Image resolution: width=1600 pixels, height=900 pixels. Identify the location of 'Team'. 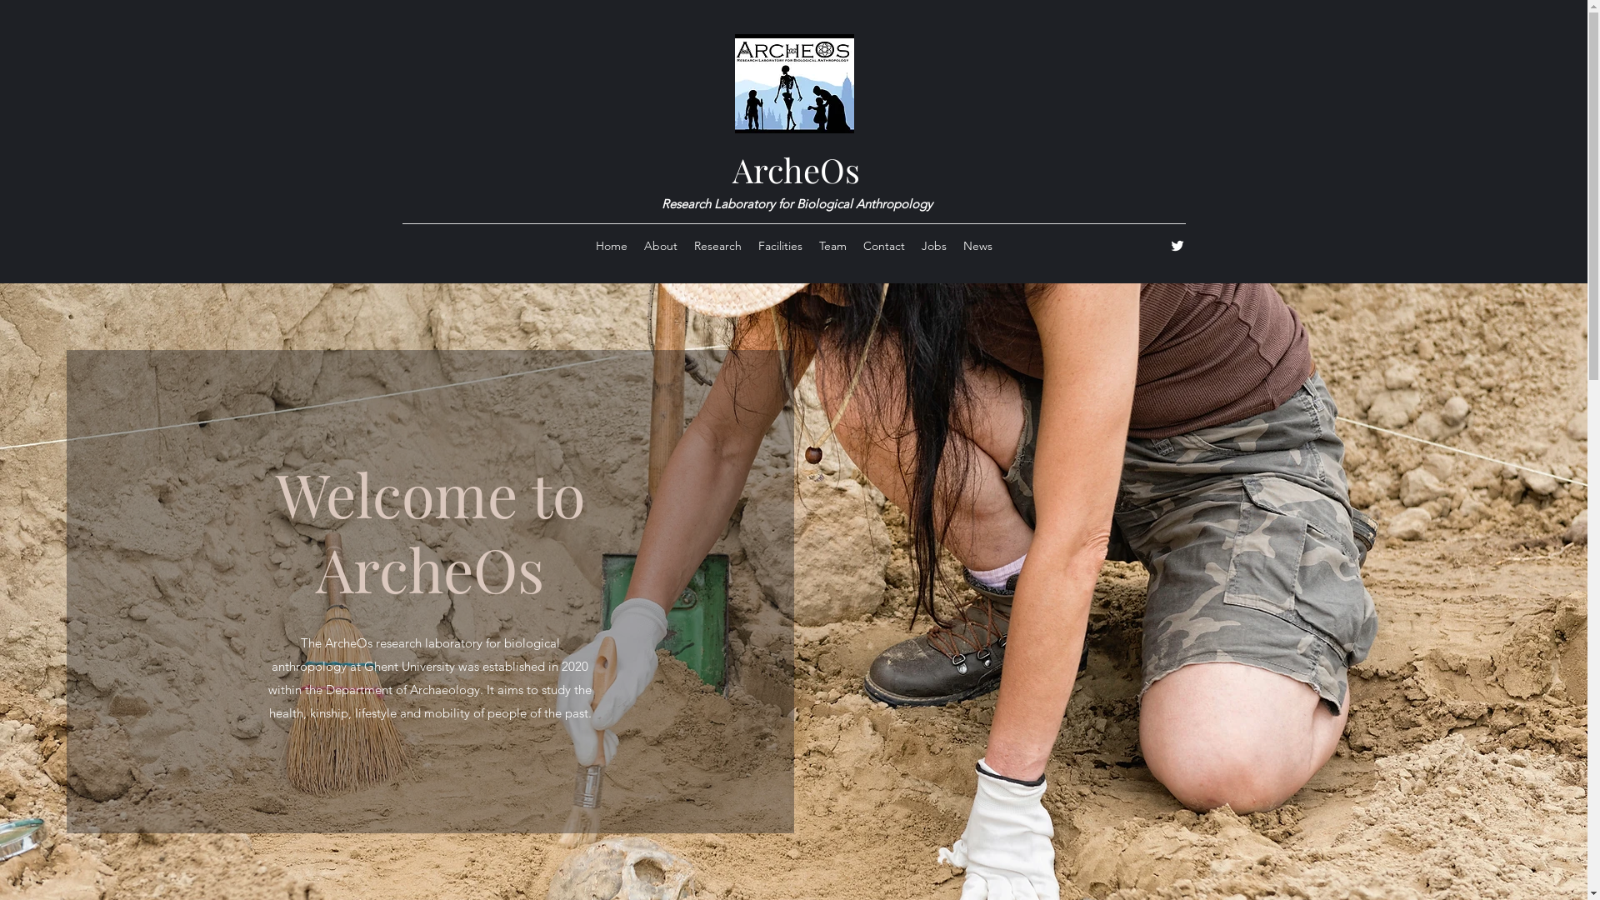
(832, 245).